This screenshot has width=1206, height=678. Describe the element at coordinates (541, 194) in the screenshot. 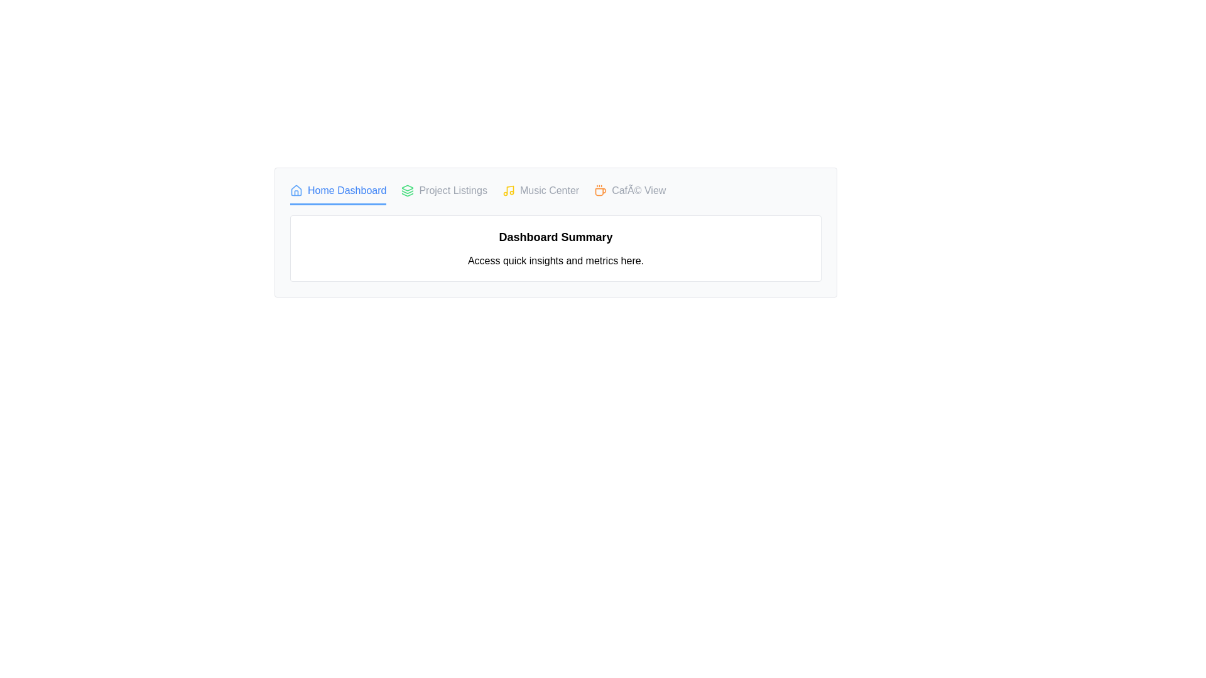

I see `the 'Music Center' navigation tab, which is the third item in the horizontal navigation menu` at that location.